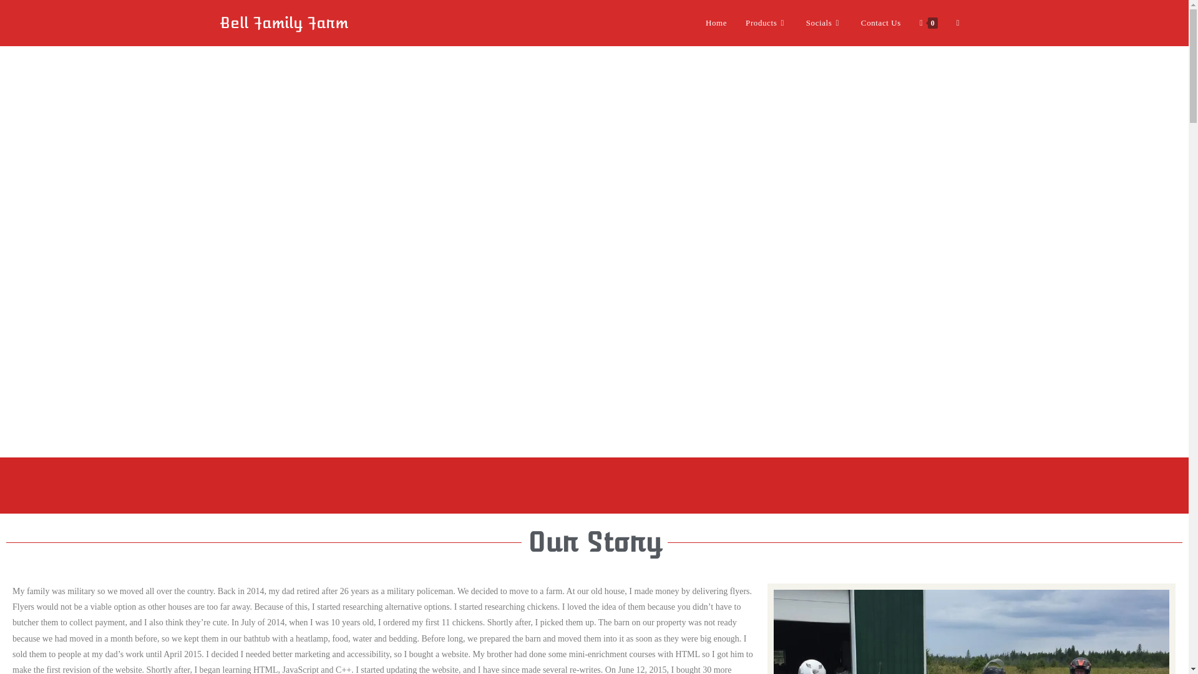 The height and width of the screenshot is (674, 1198). What do you see at coordinates (880, 23) in the screenshot?
I see `'Contact Us'` at bounding box center [880, 23].